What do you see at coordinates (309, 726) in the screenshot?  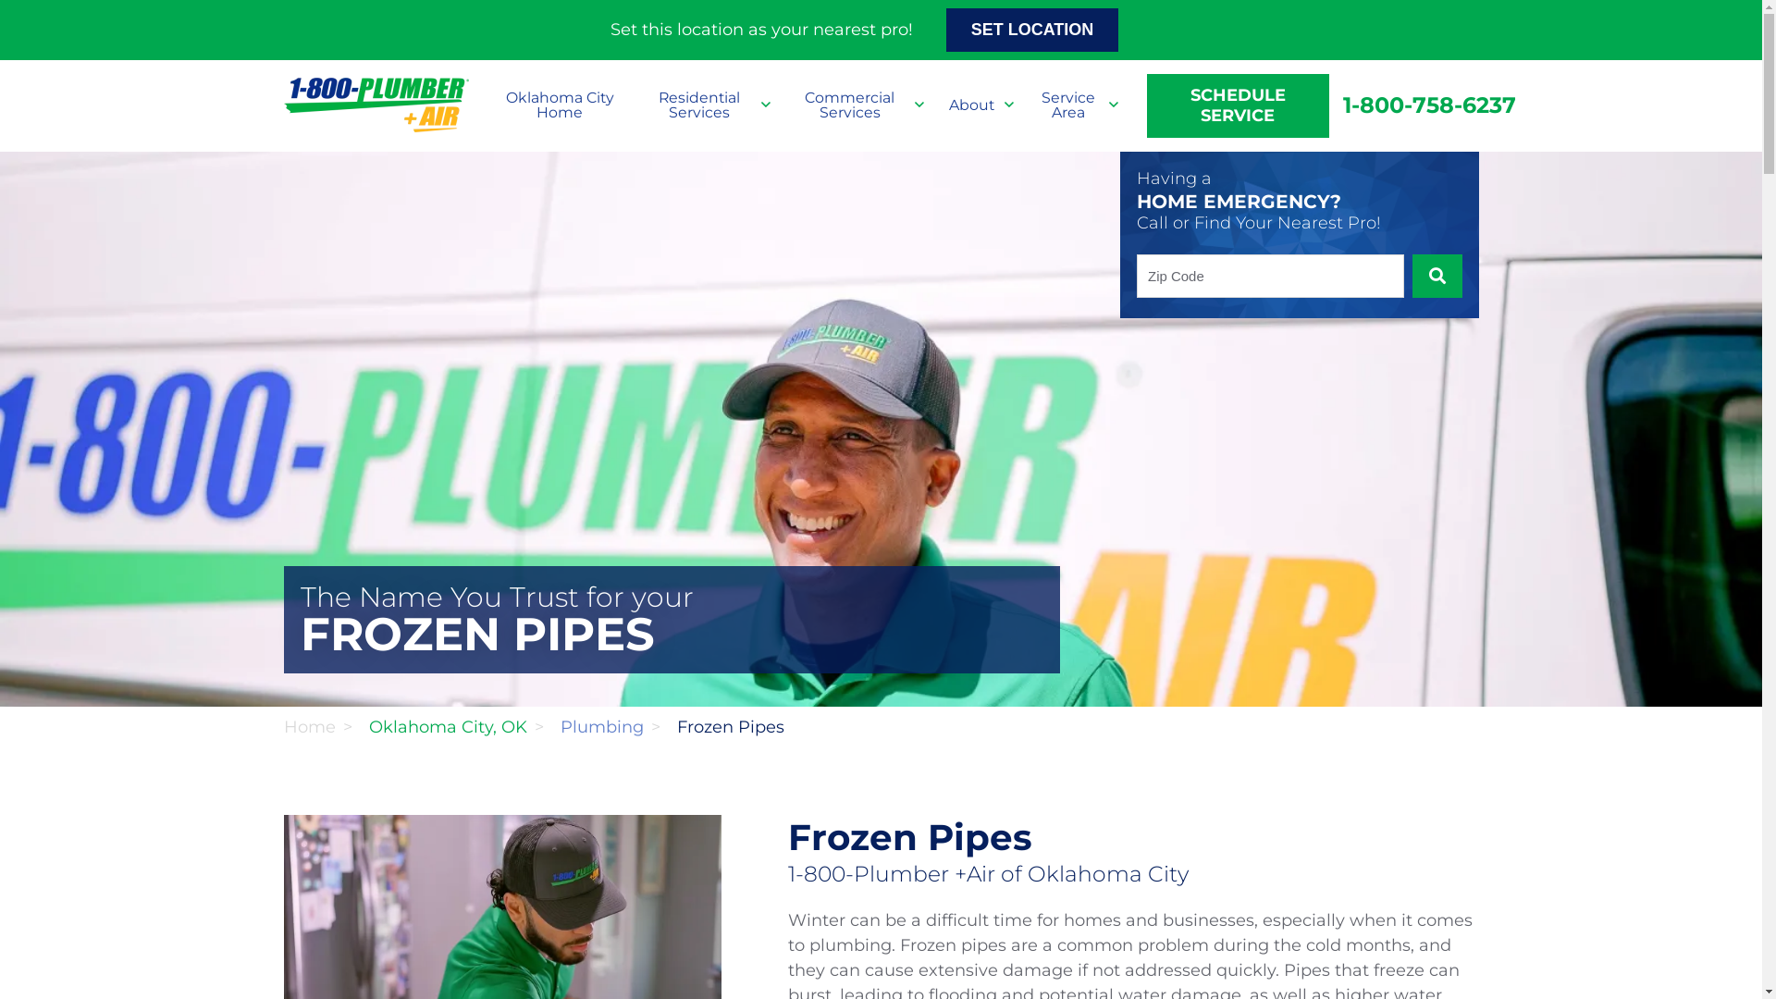 I see `'Home'` at bounding box center [309, 726].